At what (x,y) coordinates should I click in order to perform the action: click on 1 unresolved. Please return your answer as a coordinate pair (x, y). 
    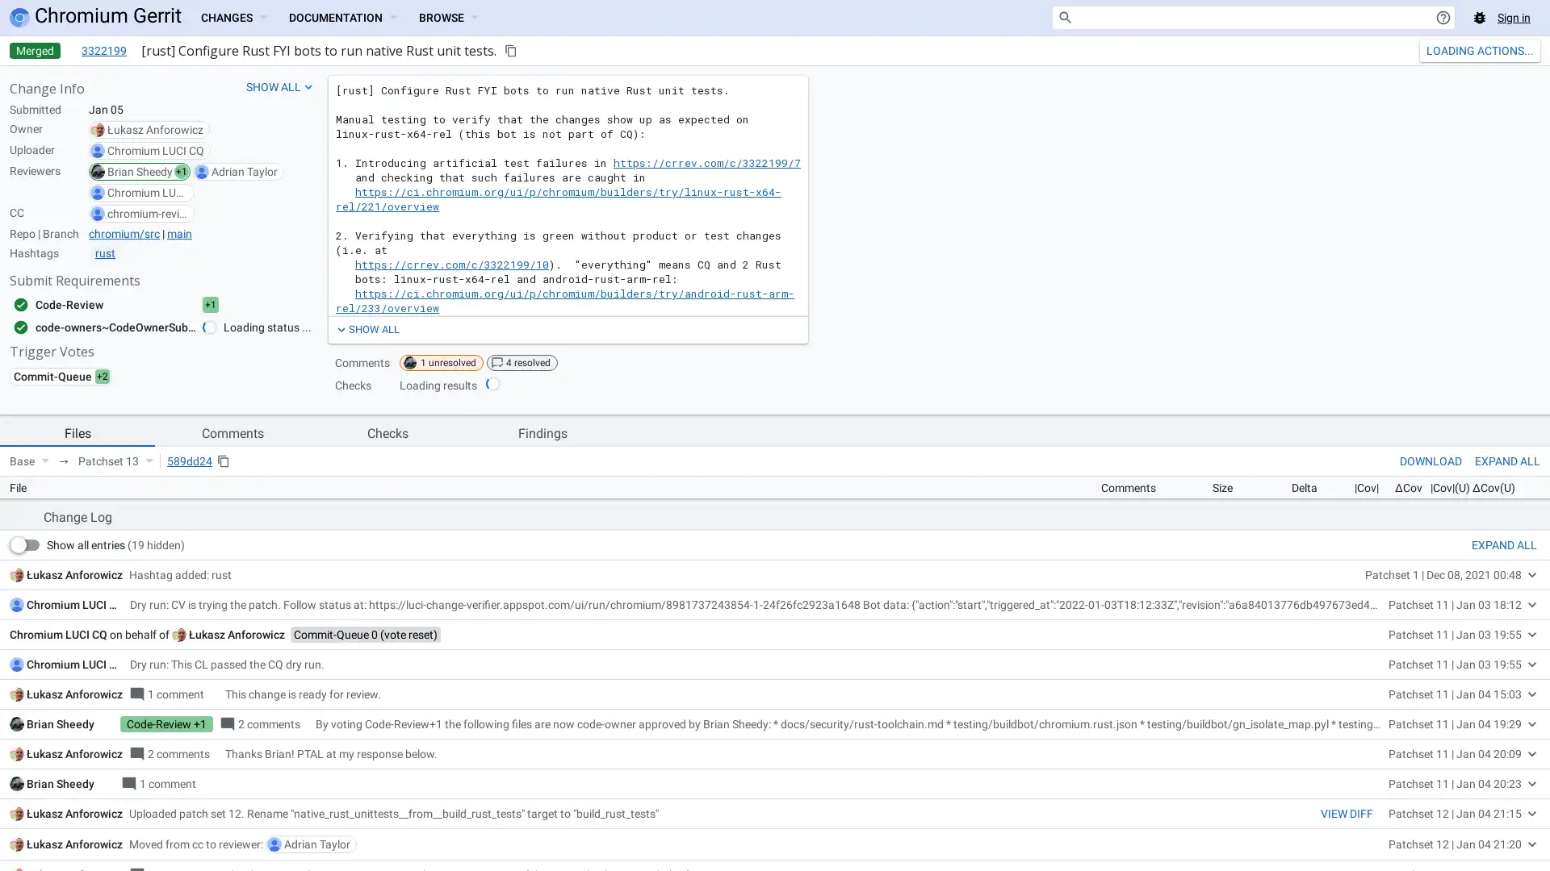
    Looking at the image, I should click on (442, 363).